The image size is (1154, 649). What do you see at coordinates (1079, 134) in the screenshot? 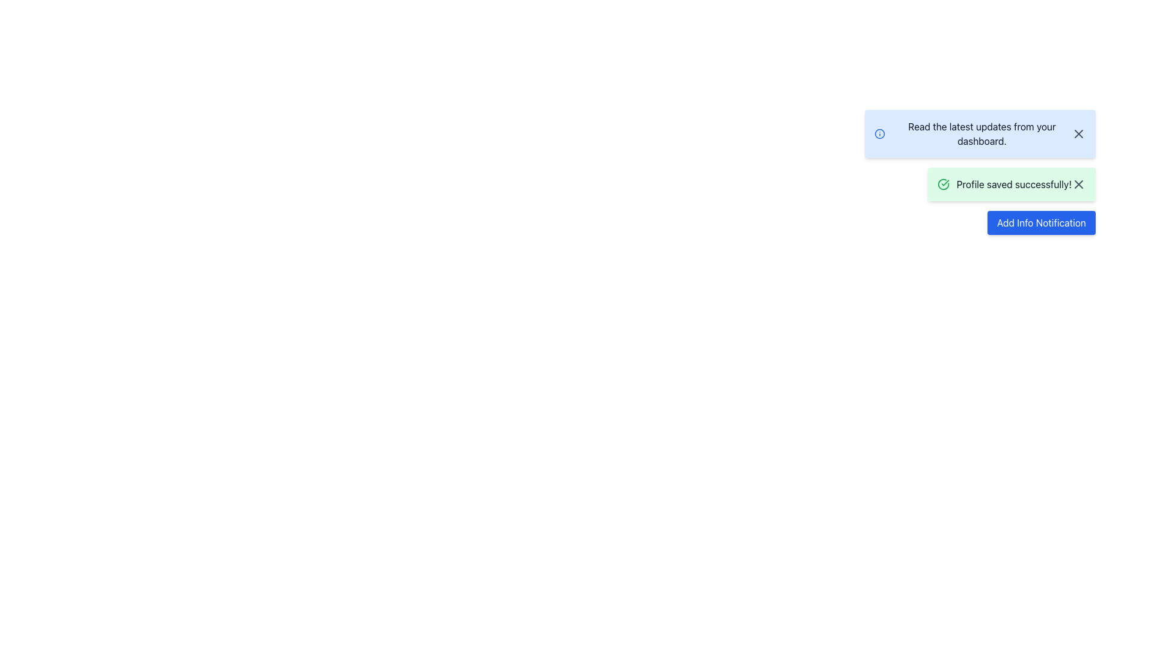
I see `the close button 'X' icon located at the far right of the notification box to change its color` at bounding box center [1079, 134].